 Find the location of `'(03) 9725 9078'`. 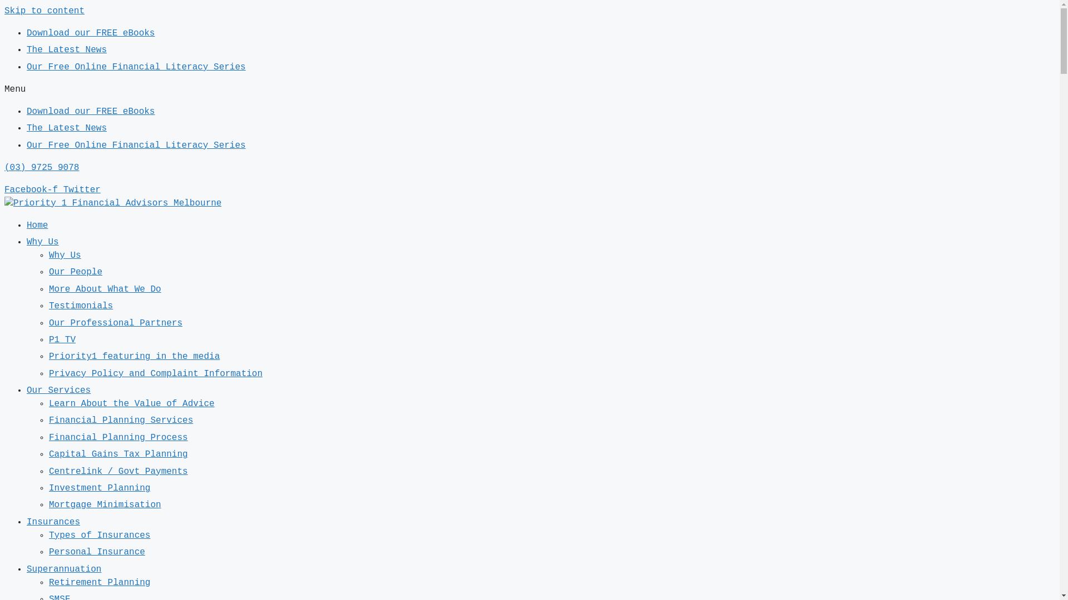

'(03) 9725 9078' is located at coordinates (42, 167).